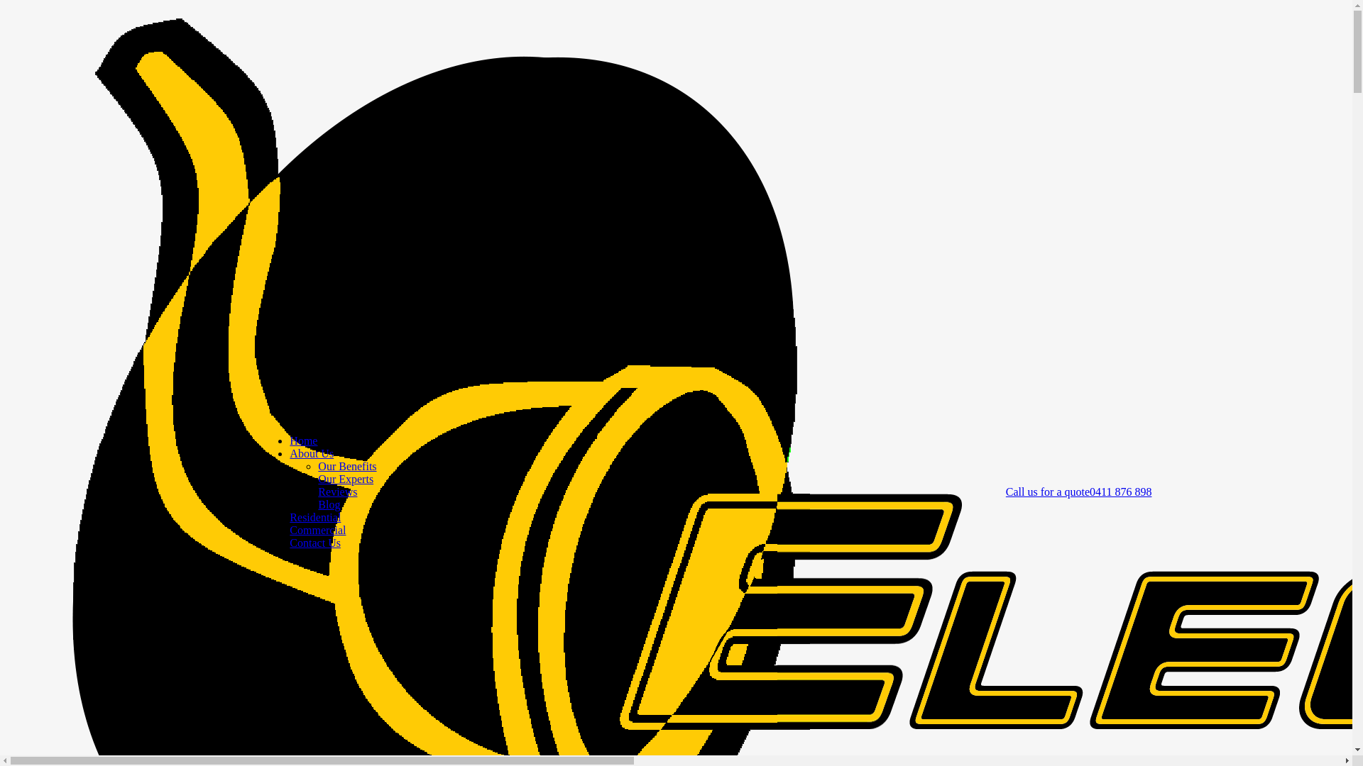 The height and width of the screenshot is (766, 1363). I want to click on 'Residential', so click(314, 517).